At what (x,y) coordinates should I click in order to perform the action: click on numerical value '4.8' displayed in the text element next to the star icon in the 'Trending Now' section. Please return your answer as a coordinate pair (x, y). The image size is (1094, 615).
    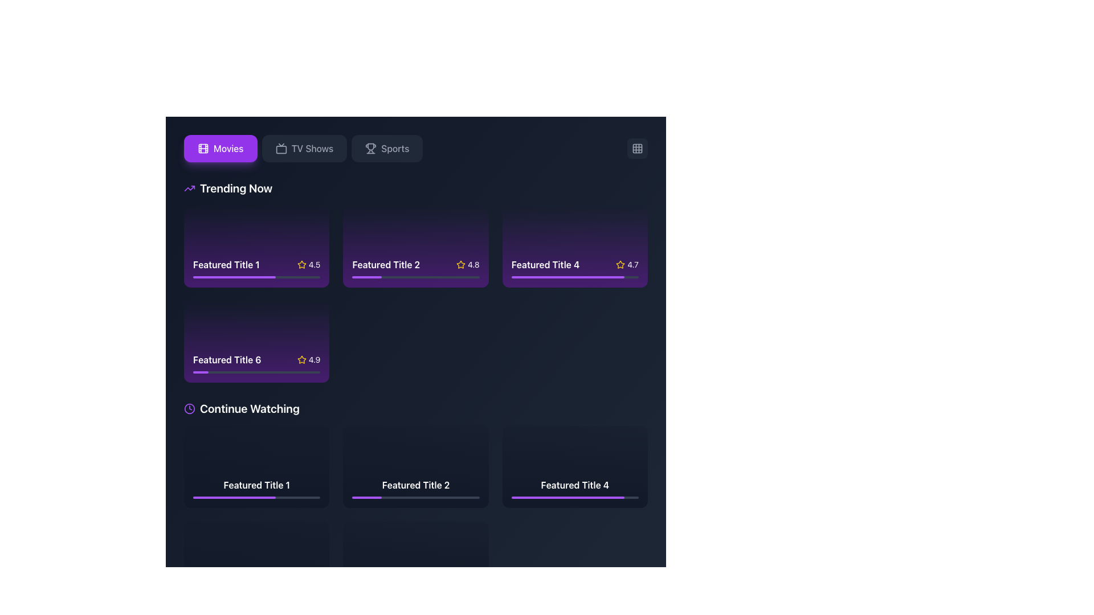
    Looking at the image, I should click on (473, 264).